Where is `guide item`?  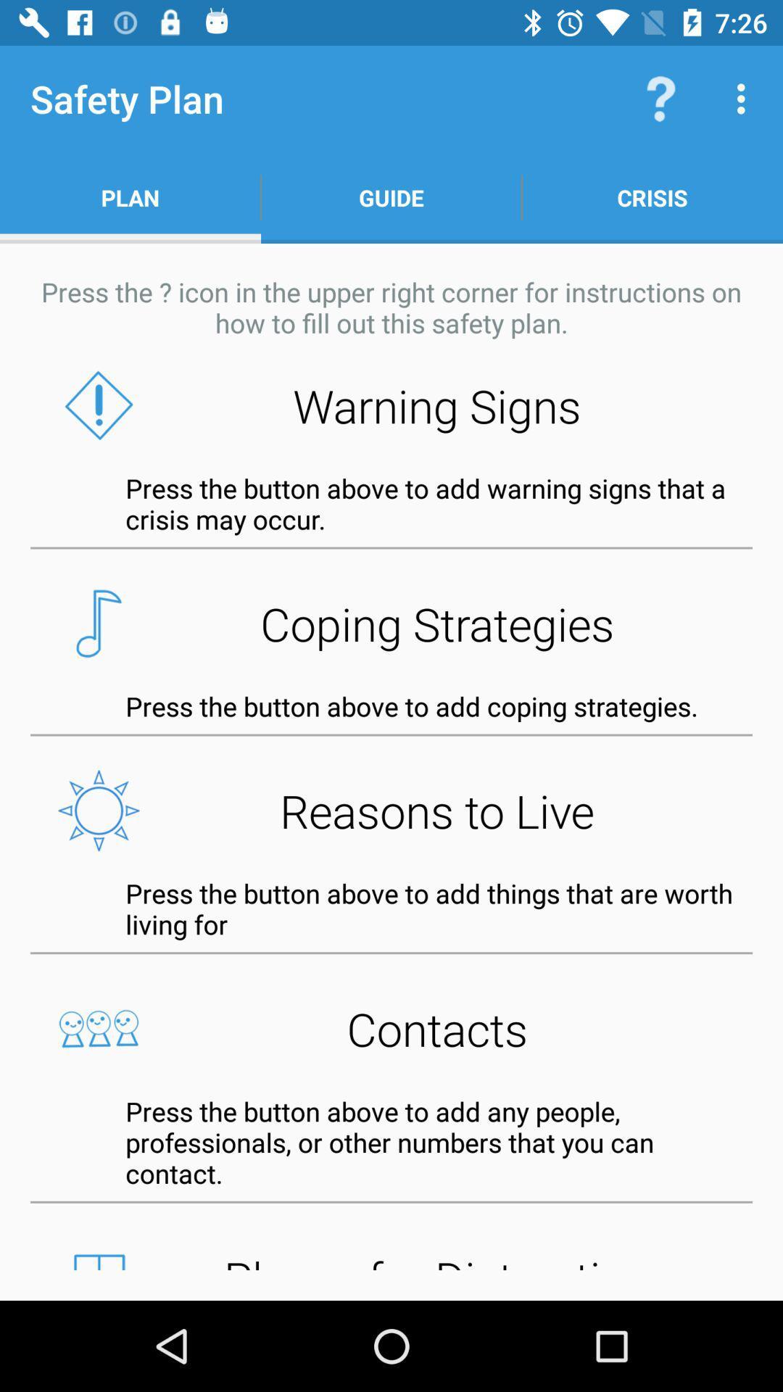 guide item is located at coordinates (391, 197).